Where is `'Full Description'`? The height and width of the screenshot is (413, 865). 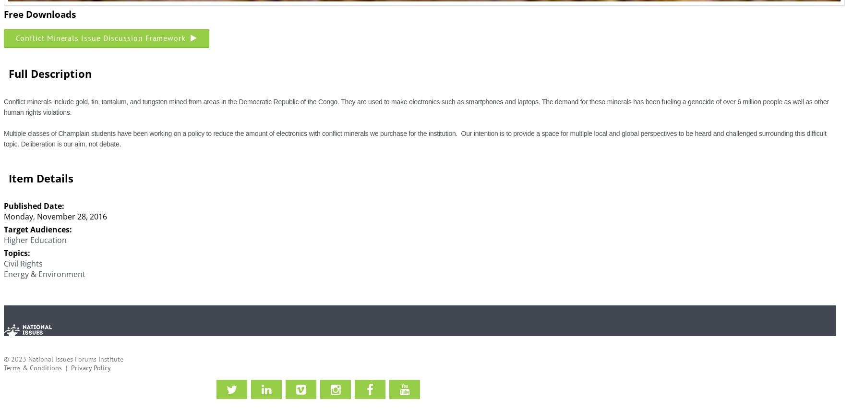
'Full Description' is located at coordinates (50, 73).